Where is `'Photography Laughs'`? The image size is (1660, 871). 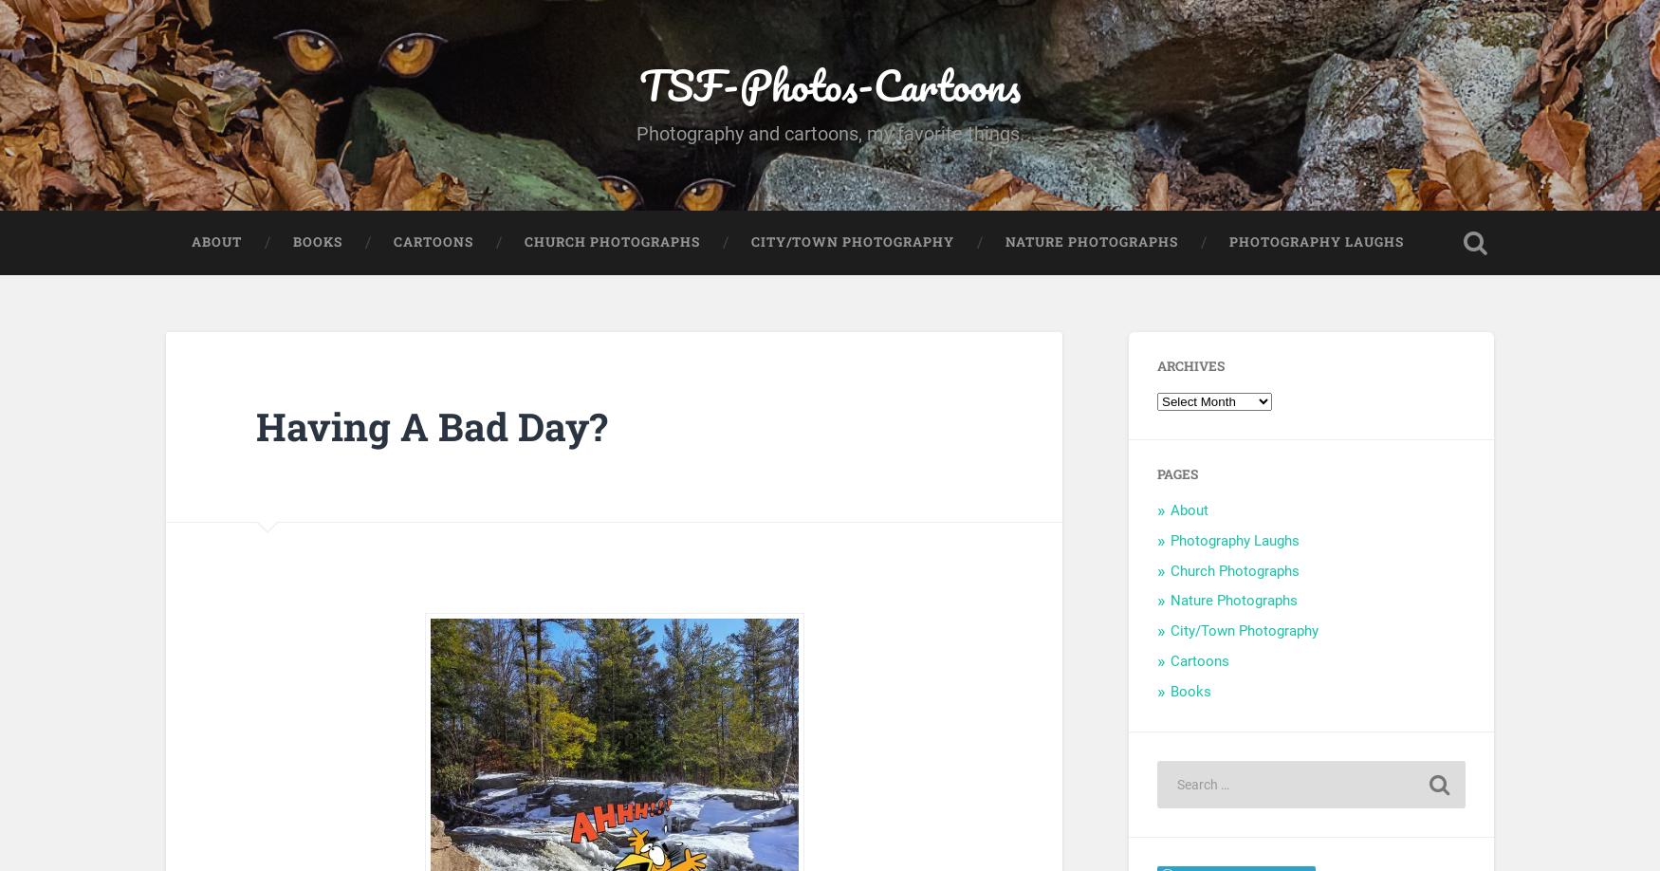 'Photography Laughs' is located at coordinates (1170, 538).